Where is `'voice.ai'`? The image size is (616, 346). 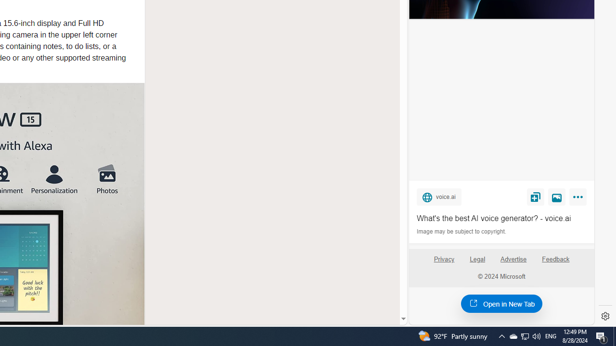 'voice.ai' is located at coordinates (438, 196).